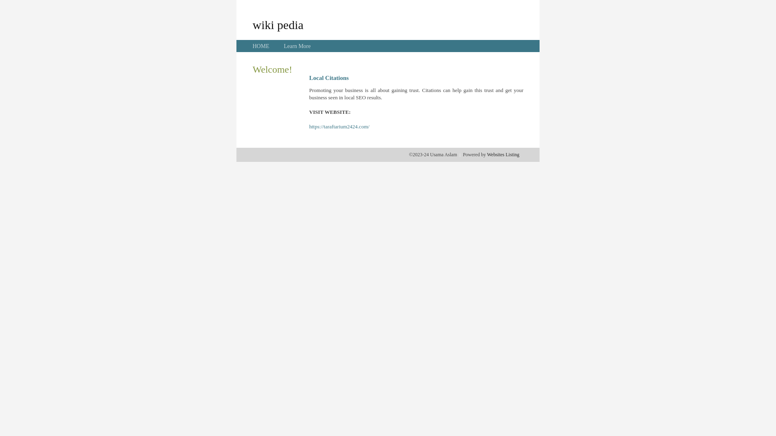  Describe the element at coordinates (252, 24) in the screenshot. I see `'wiki pedia'` at that location.